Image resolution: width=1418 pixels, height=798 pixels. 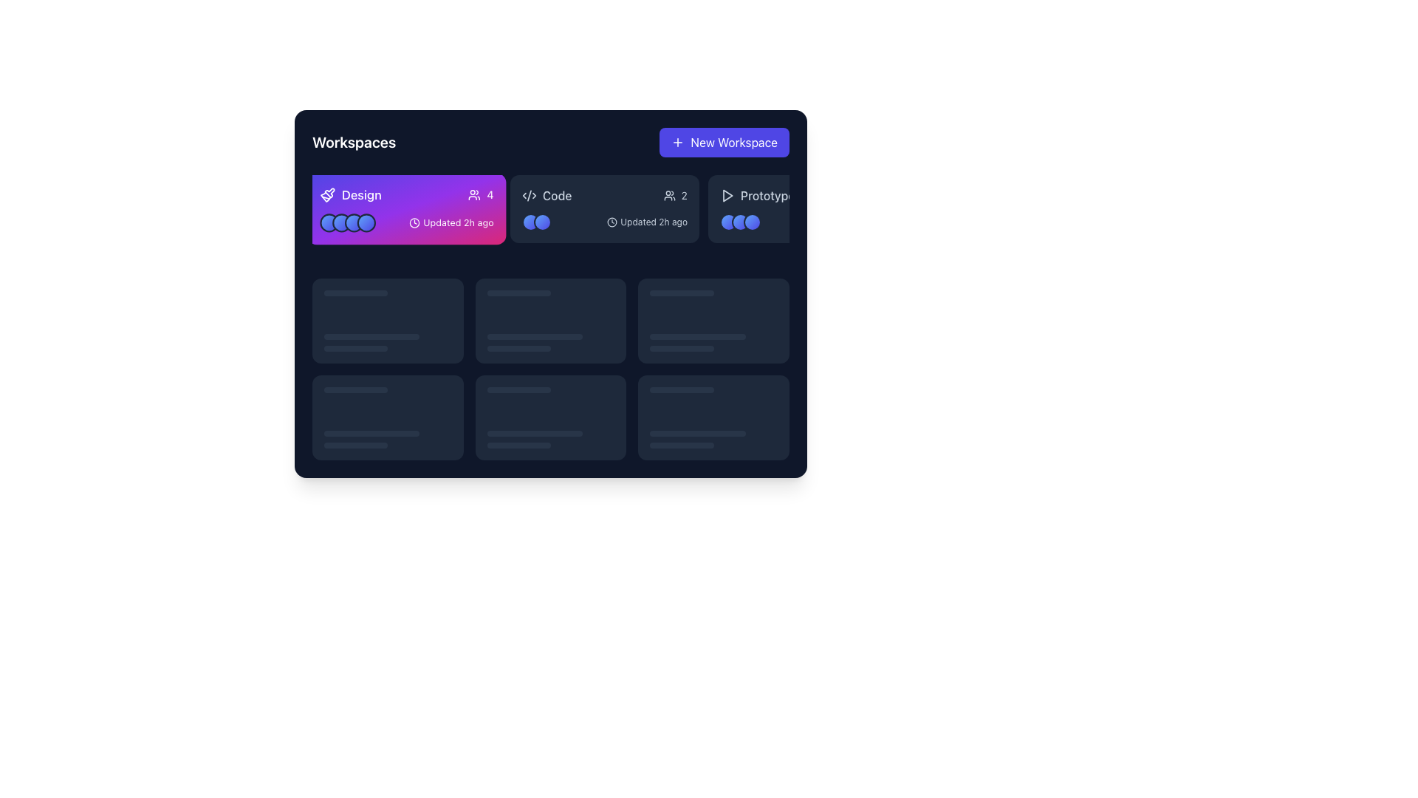 I want to click on the icon featuring two stylized user figures, which is located in the second card labeled 'Code' in the top row of the workspace grid, so click(x=668, y=195).